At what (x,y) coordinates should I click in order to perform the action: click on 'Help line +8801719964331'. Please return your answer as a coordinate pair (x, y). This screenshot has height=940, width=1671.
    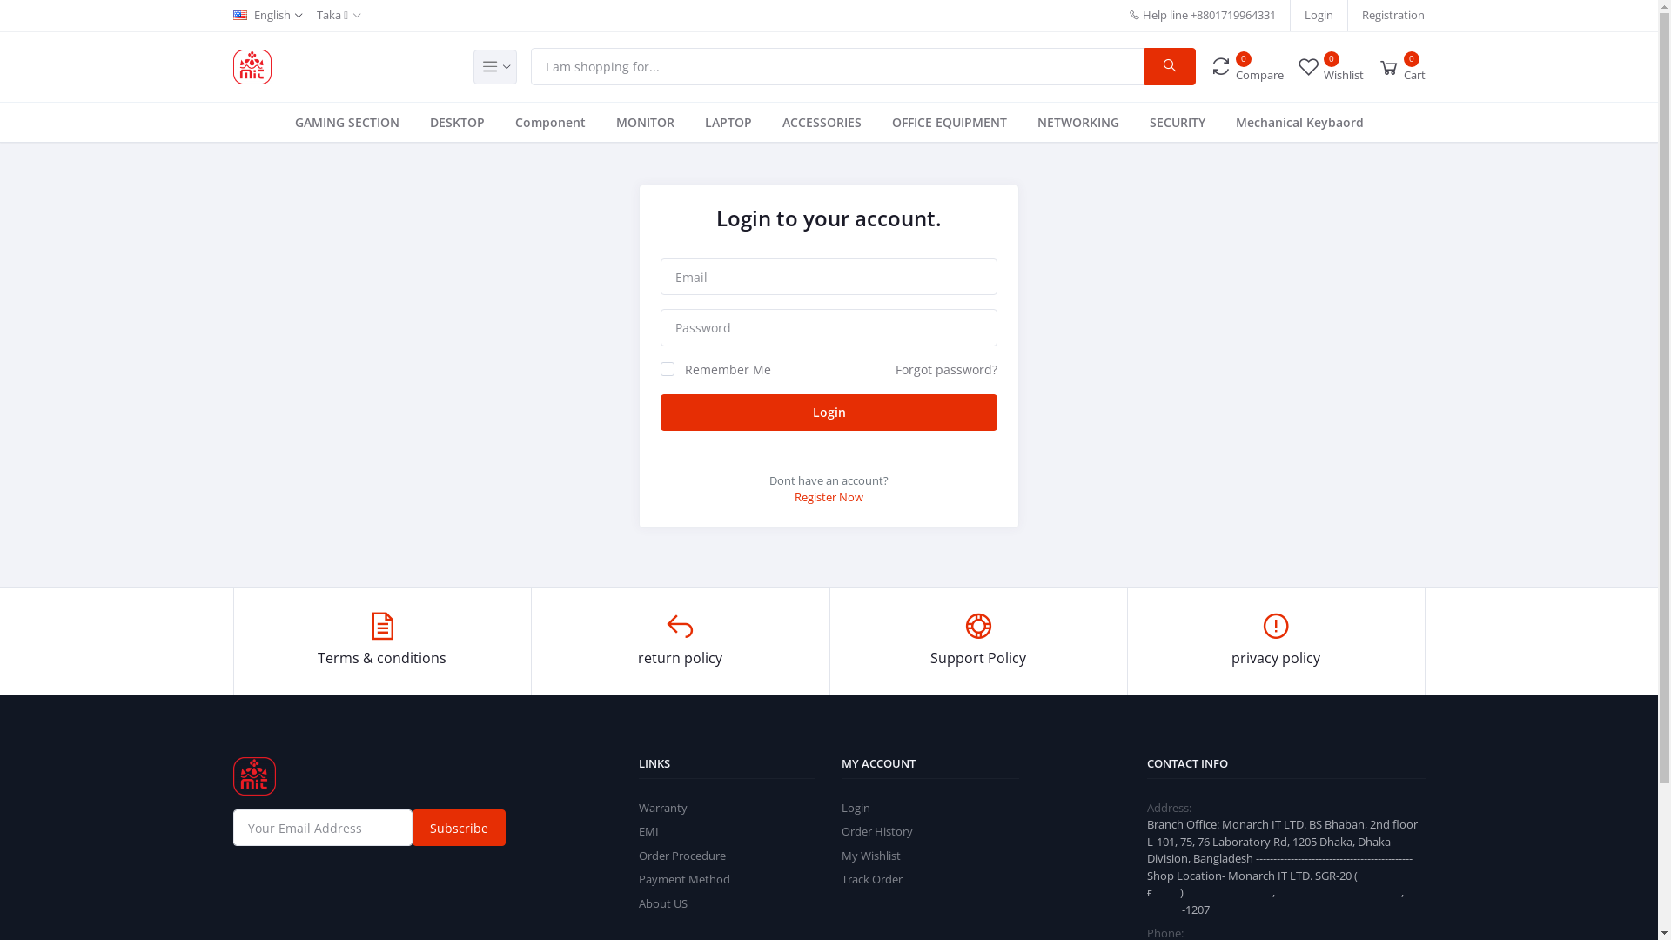
    Looking at the image, I should click on (1201, 16).